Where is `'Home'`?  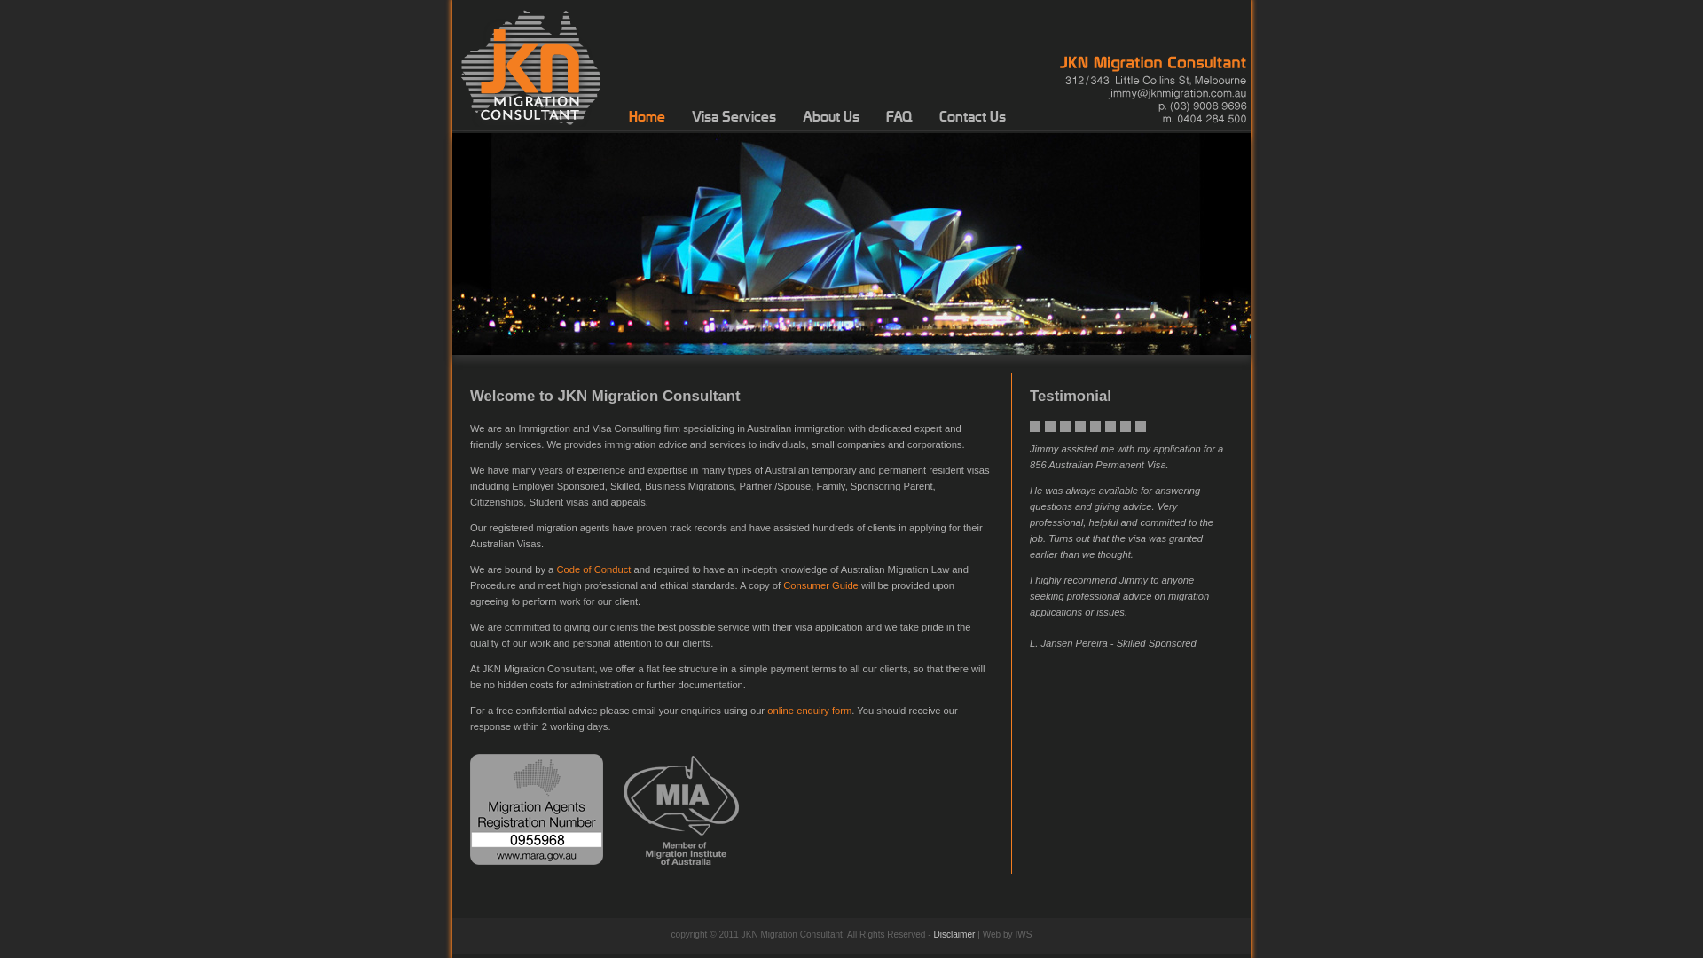
'Home' is located at coordinates (646, 116).